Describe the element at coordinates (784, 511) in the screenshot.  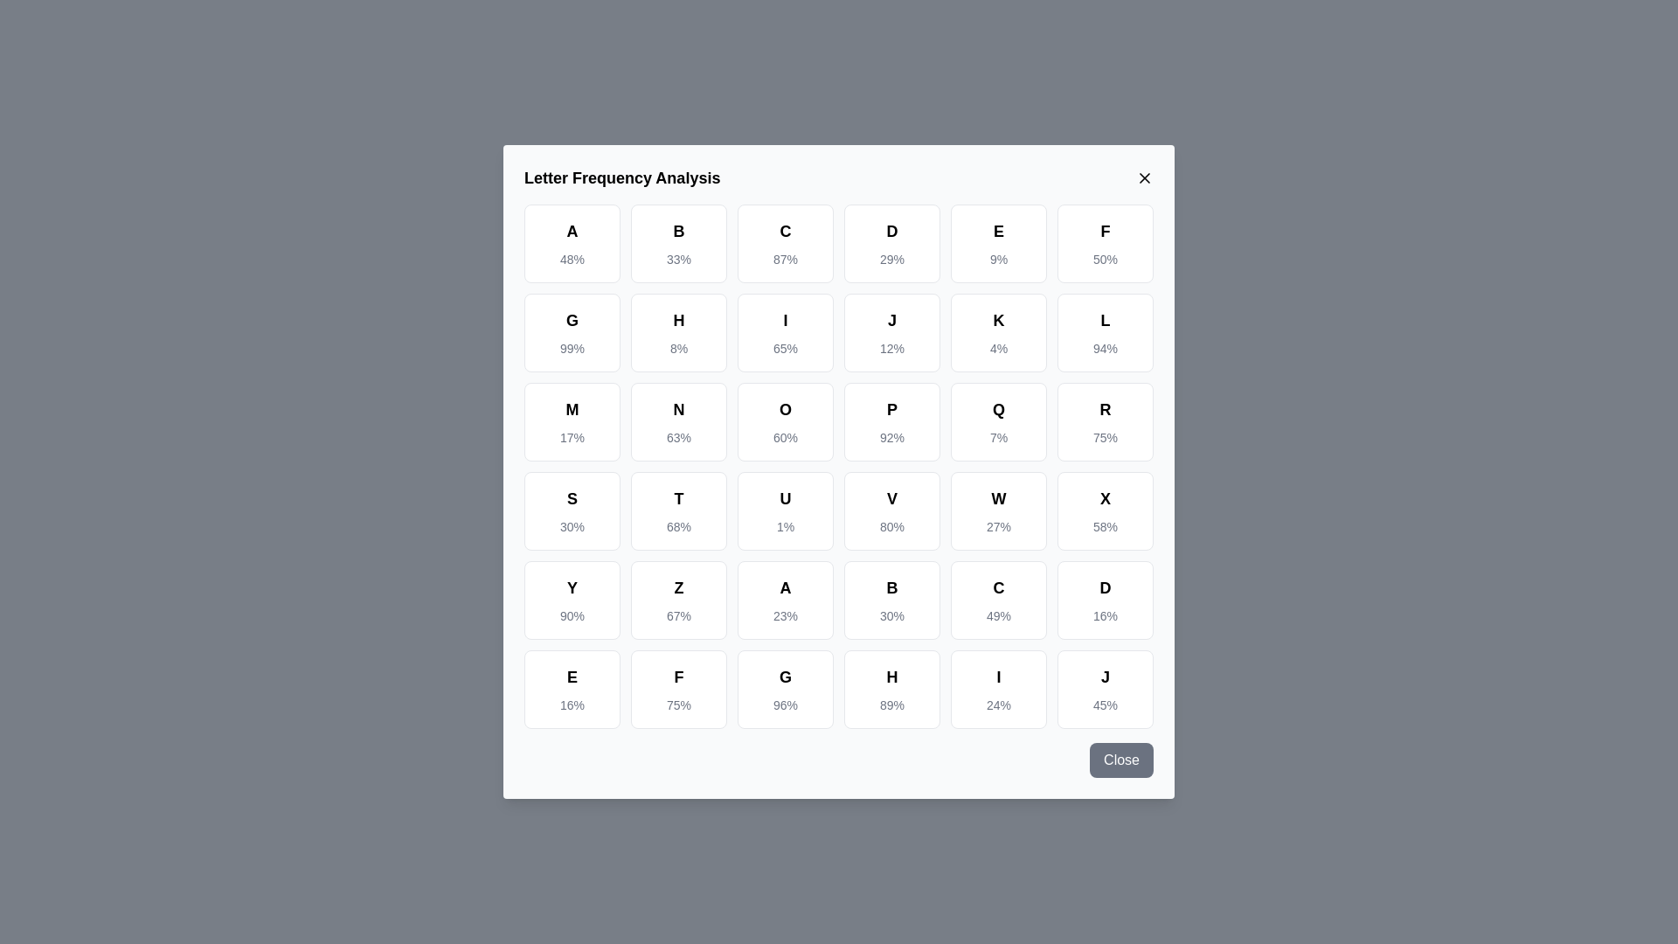
I see `the letter cell corresponding to U` at that location.